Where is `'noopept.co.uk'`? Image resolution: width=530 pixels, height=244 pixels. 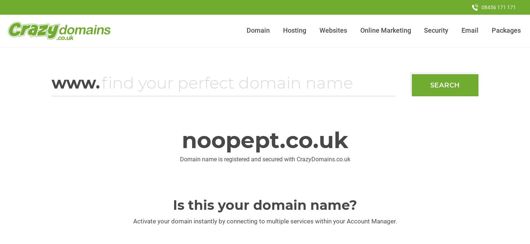
'noopept.co.uk' is located at coordinates (265, 140).